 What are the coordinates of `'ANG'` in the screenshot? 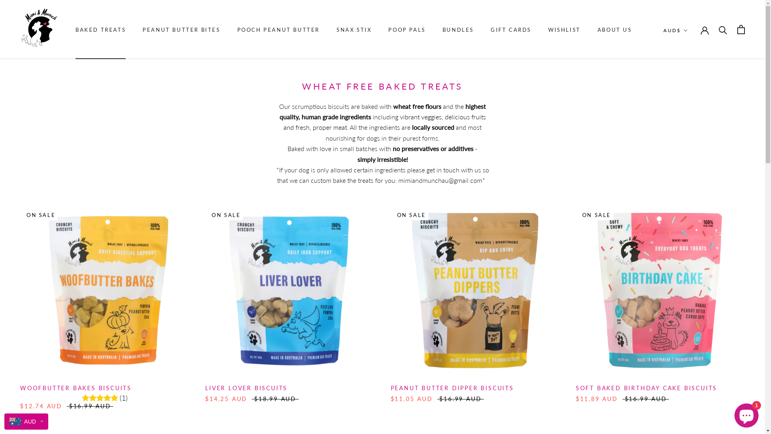 It's located at (691, 96).